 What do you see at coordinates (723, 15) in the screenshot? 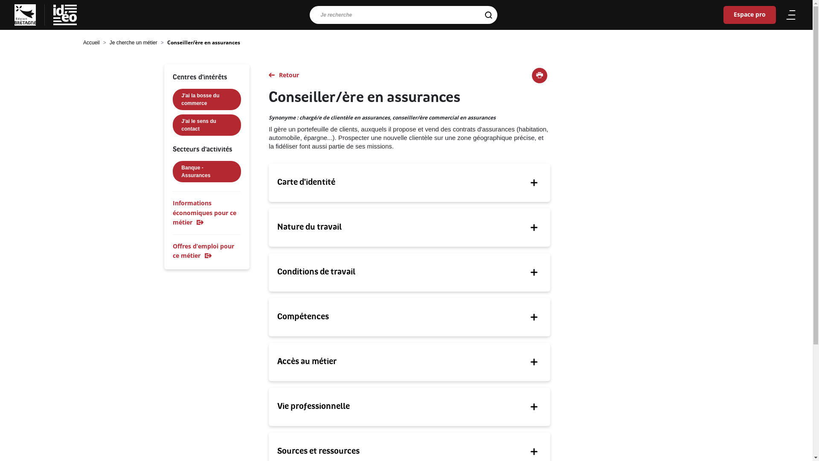
I see `'Espace pro'` at bounding box center [723, 15].